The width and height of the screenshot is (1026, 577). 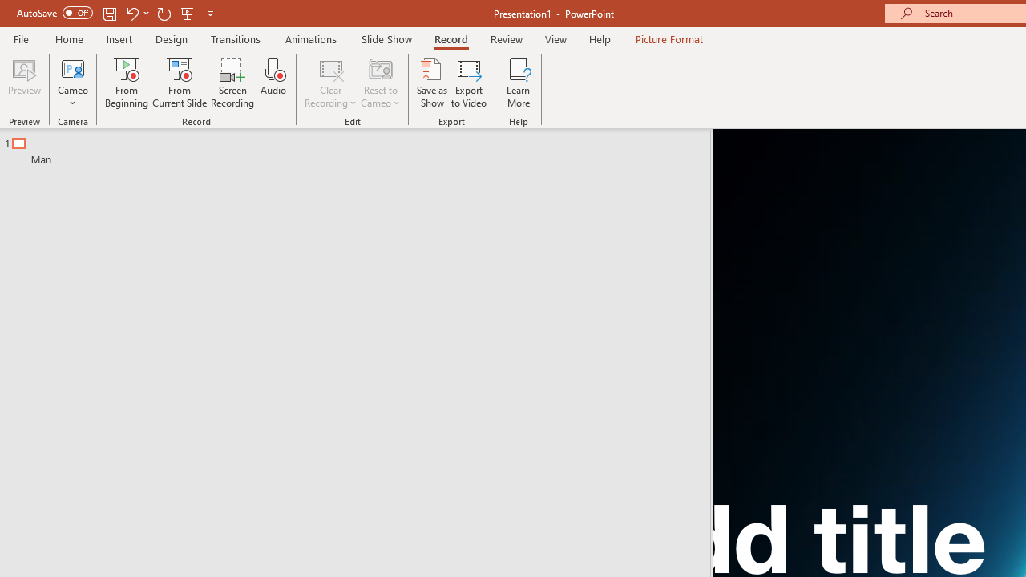 What do you see at coordinates (172, 38) in the screenshot?
I see `'Design'` at bounding box center [172, 38].